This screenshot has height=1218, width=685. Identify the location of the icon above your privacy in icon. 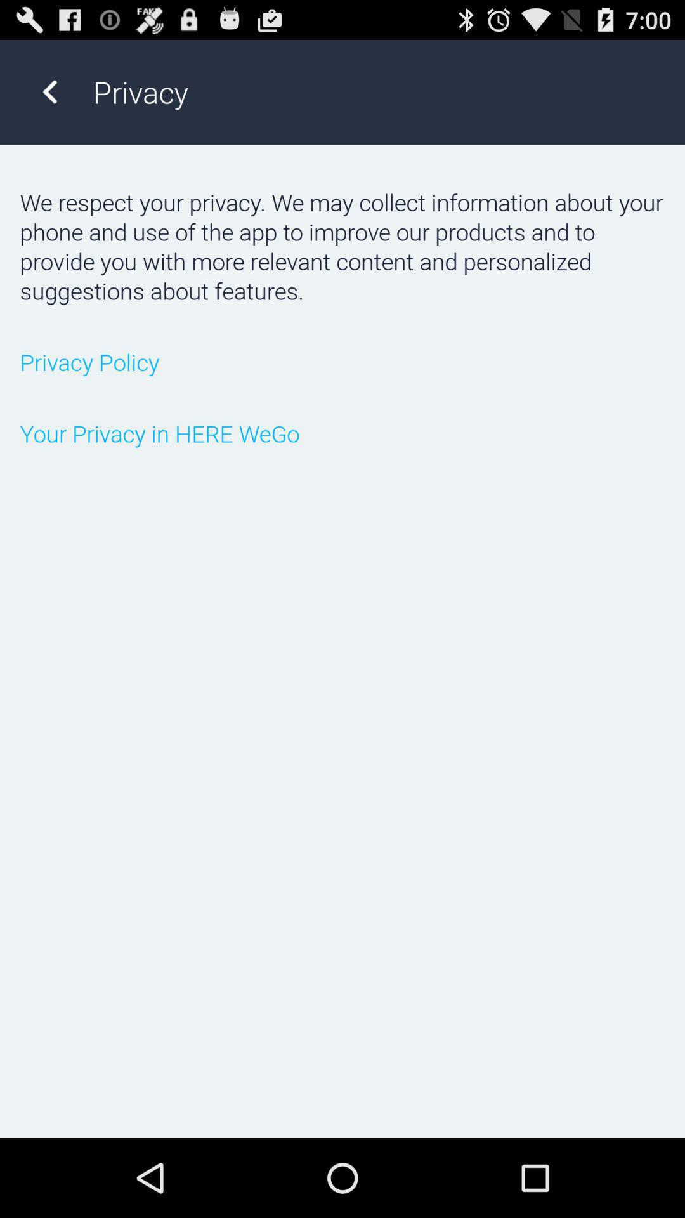
(342, 361).